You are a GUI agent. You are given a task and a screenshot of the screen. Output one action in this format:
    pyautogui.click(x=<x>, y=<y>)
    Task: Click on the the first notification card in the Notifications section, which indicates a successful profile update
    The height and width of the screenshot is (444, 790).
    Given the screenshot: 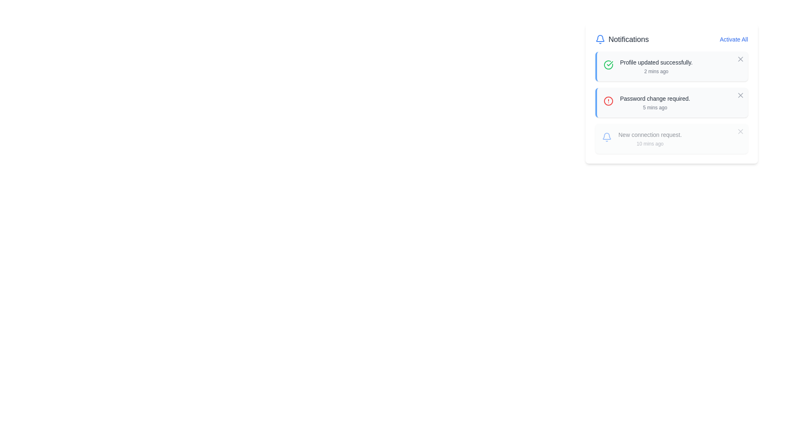 What is the action you would take?
    pyautogui.click(x=671, y=66)
    